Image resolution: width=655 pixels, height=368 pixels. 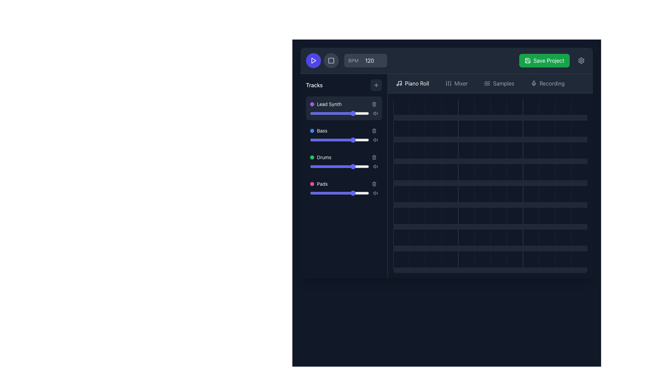 What do you see at coordinates (372, 60) in the screenshot?
I see `the Number input field displaying '120' located within the 'BPM' section of the UI` at bounding box center [372, 60].